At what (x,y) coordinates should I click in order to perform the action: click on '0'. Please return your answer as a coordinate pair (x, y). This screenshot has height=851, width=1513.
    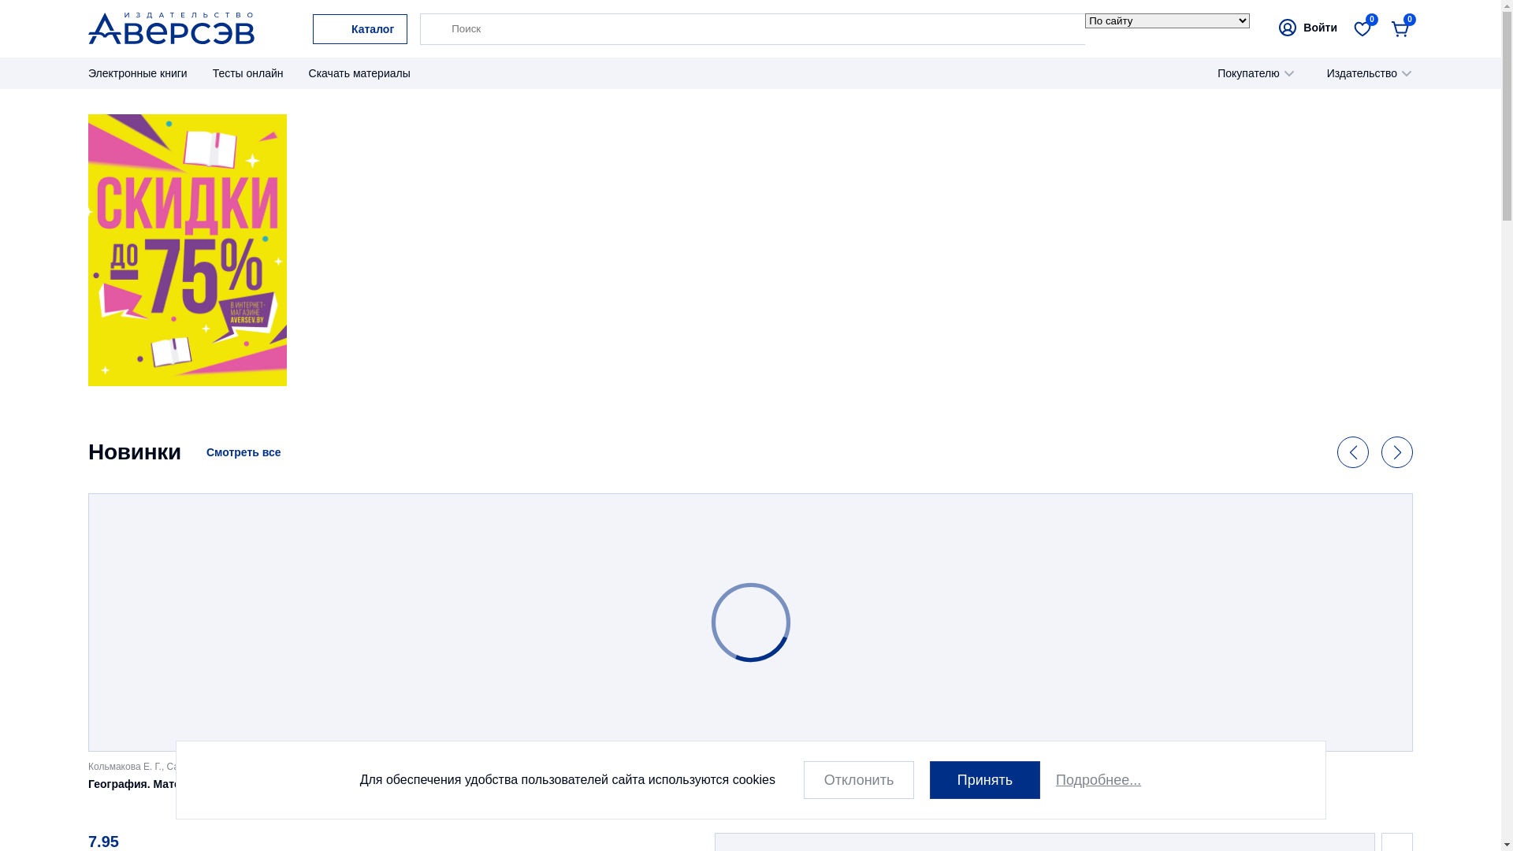
    Looking at the image, I should click on (1352, 28).